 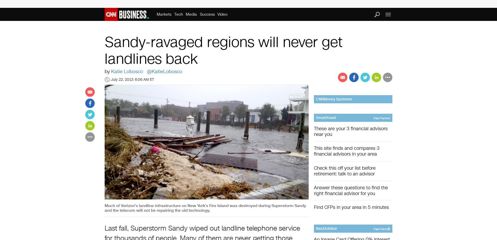 I want to click on 'Answer these questions to find the right financial advisor for you', so click(x=351, y=190).